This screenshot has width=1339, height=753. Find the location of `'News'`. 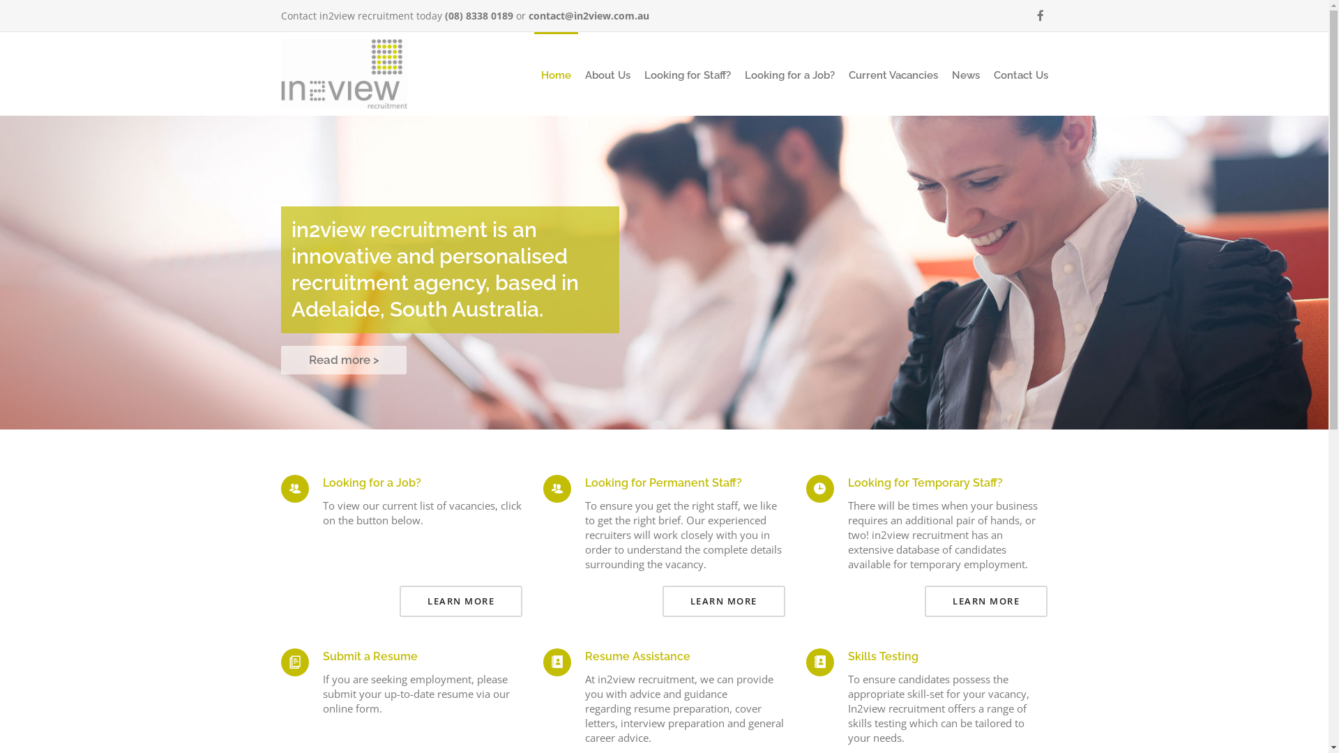

'News' is located at coordinates (964, 75).